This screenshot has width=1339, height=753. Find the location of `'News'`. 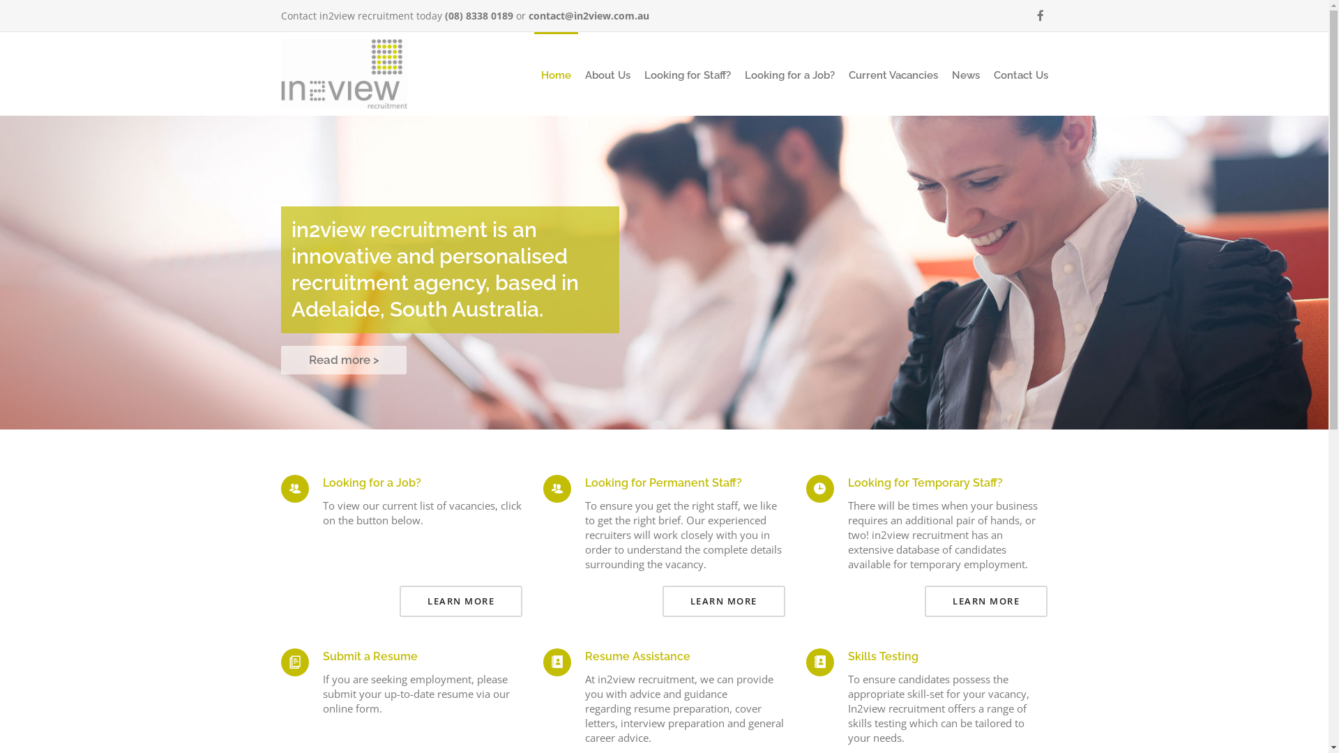

'News' is located at coordinates (964, 75).